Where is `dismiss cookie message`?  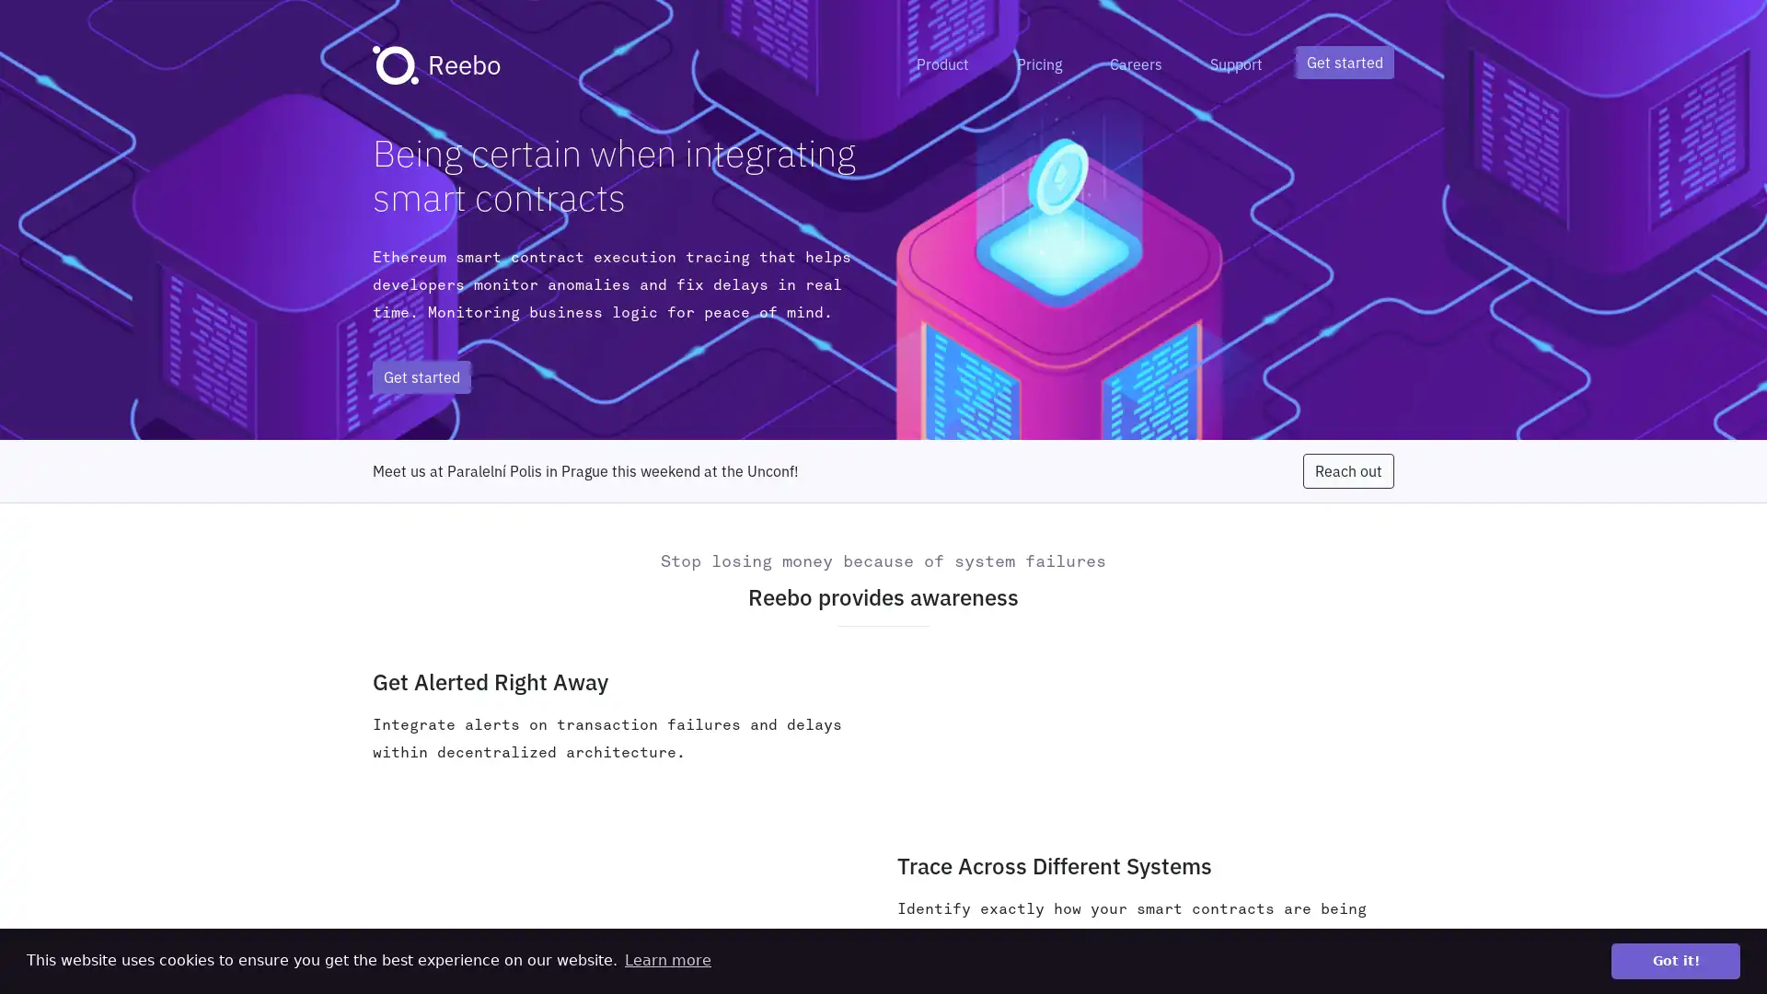
dismiss cookie message is located at coordinates (1675, 960).